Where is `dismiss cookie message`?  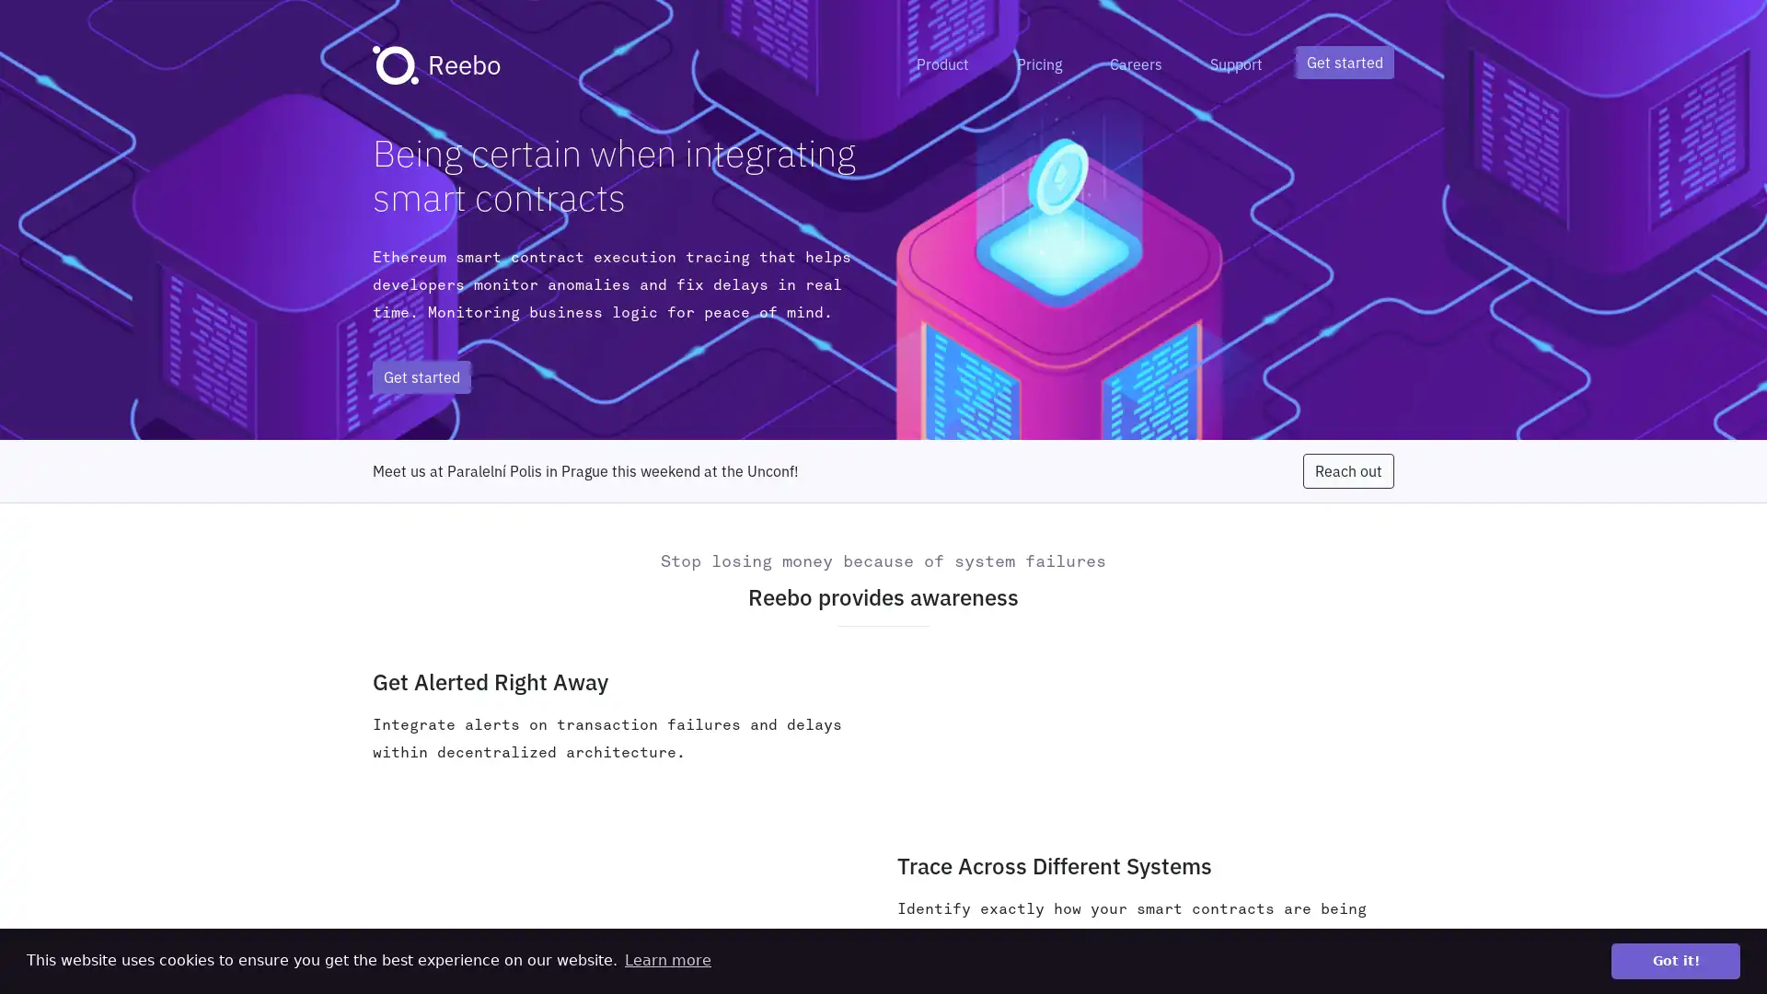
dismiss cookie message is located at coordinates (1675, 960).